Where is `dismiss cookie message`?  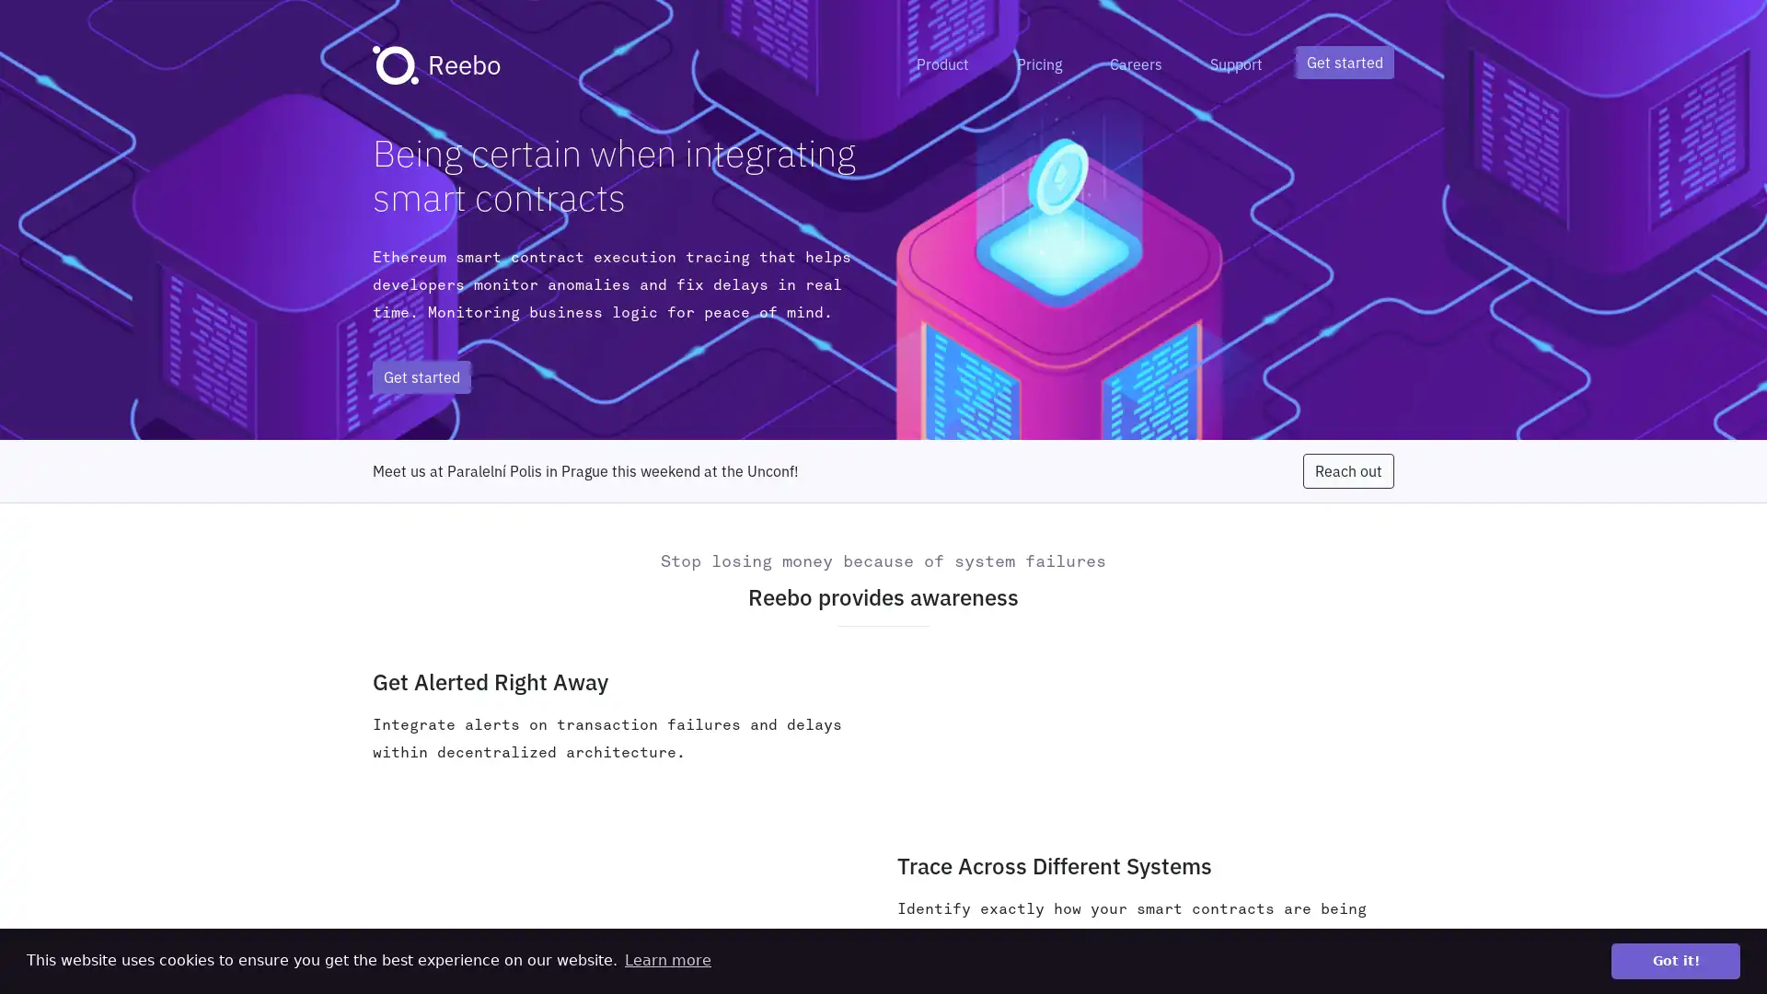
dismiss cookie message is located at coordinates (1675, 960).